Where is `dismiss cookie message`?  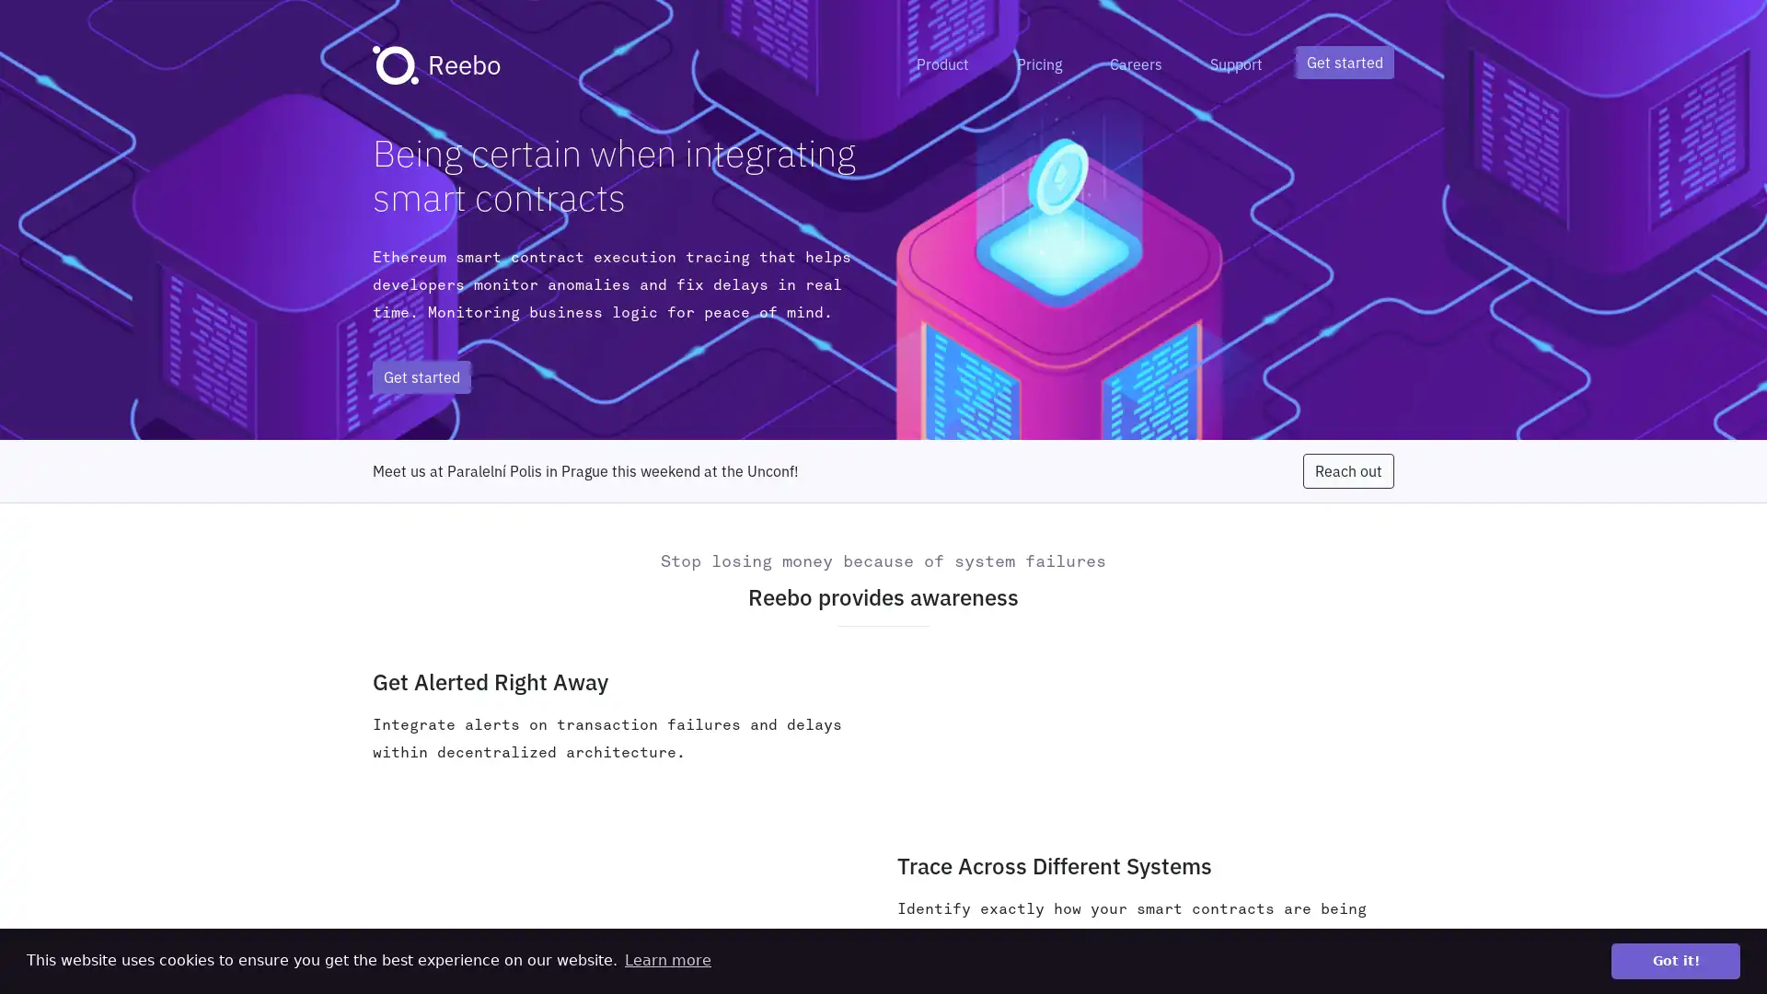
dismiss cookie message is located at coordinates (1675, 960).